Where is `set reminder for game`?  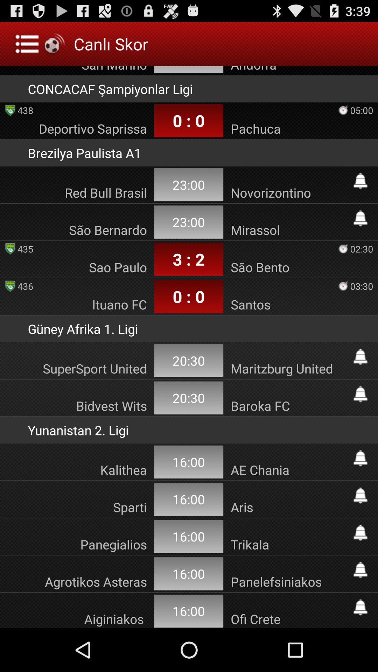 set reminder for game is located at coordinates (360, 495).